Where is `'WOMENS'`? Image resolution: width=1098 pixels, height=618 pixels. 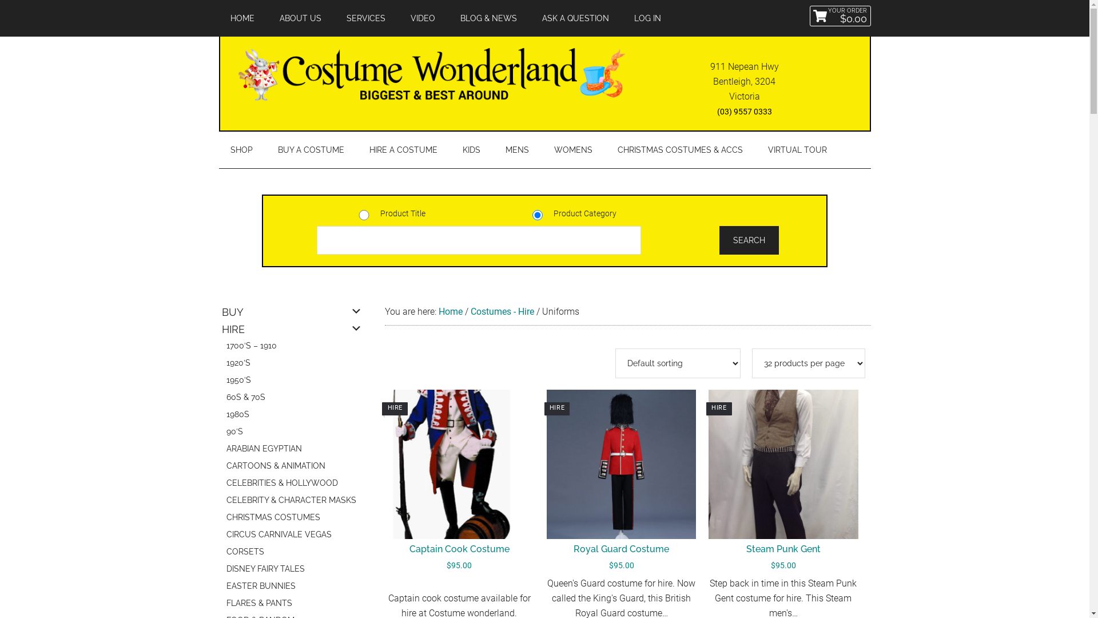
'WOMENS' is located at coordinates (572, 149).